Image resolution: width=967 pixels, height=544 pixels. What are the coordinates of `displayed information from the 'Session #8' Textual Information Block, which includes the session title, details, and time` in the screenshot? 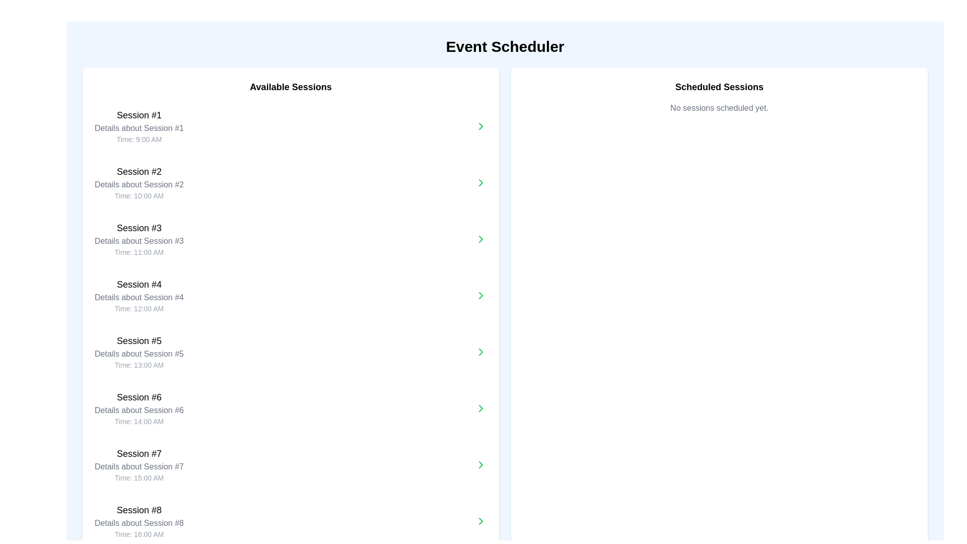 It's located at (139, 521).